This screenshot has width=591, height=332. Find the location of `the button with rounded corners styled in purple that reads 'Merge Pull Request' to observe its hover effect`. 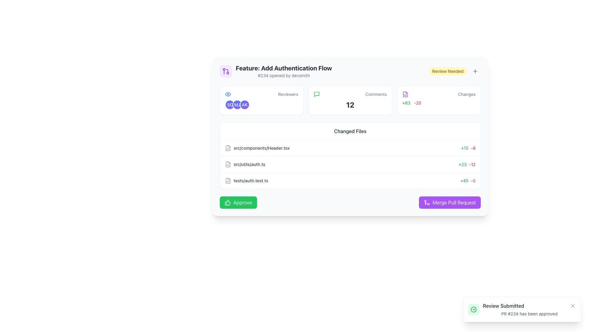

the button with rounded corners styled in purple that reads 'Merge Pull Request' to observe its hover effect is located at coordinates (450, 203).